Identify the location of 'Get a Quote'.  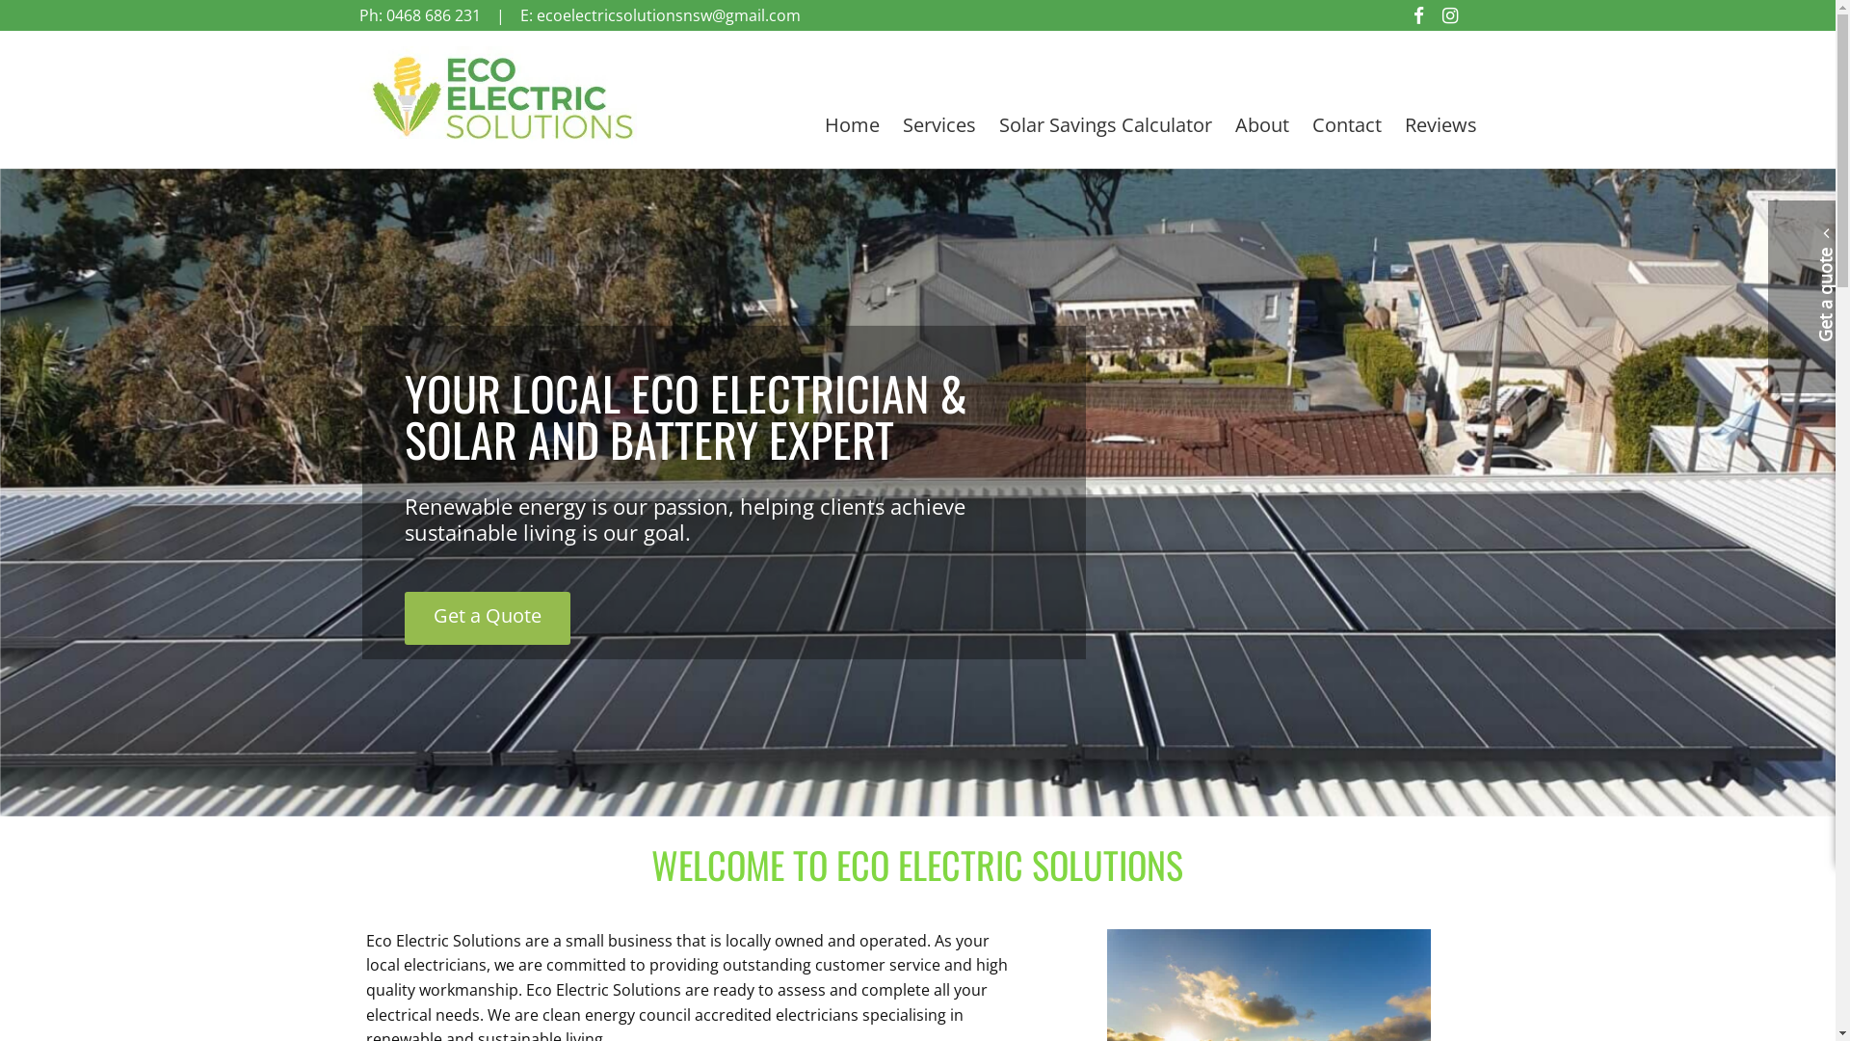
(404, 618).